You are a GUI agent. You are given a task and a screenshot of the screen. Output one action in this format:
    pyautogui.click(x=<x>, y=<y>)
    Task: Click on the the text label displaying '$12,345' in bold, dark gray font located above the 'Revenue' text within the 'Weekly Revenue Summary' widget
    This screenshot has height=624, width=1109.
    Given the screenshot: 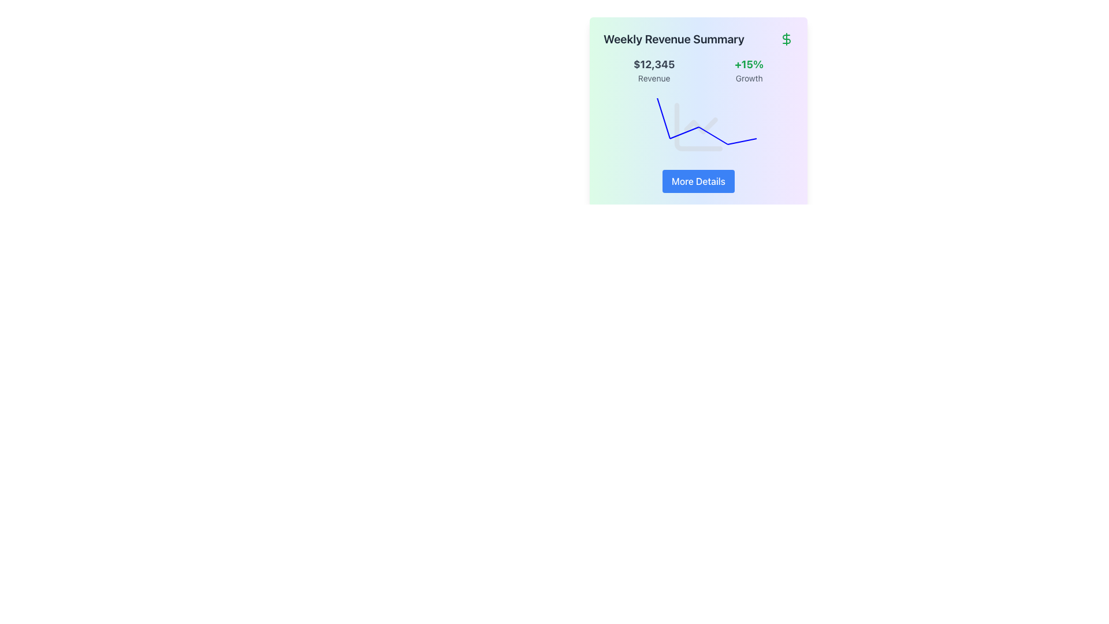 What is the action you would take?
    pyautogui.click(x=654, y=64)
    